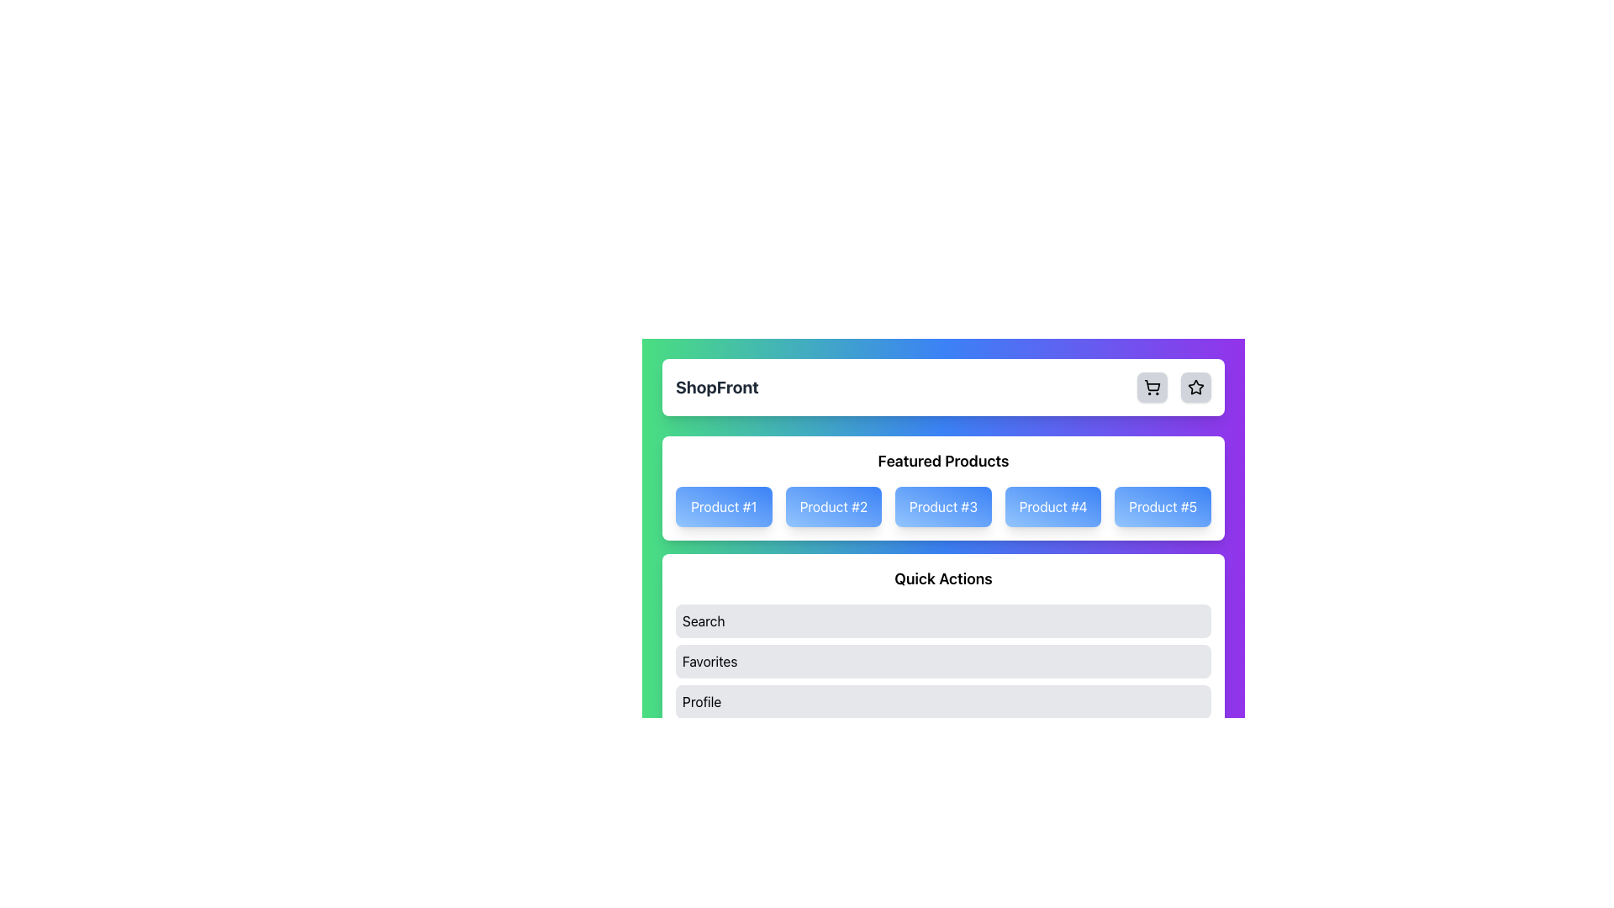 The width and height of the screenshot is (1614, 908). I want to click on the 'Search' button in the 'Quick Actions' section, so click(943, 621).